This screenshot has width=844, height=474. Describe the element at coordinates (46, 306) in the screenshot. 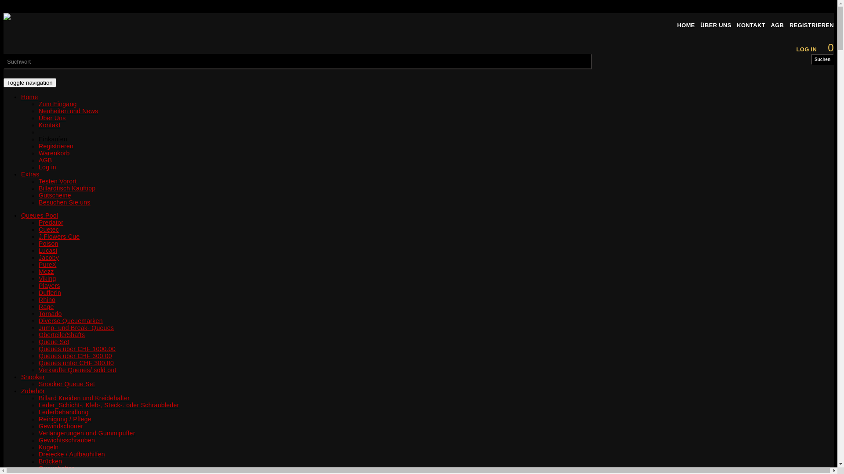

I see `'Rage'` at that location.